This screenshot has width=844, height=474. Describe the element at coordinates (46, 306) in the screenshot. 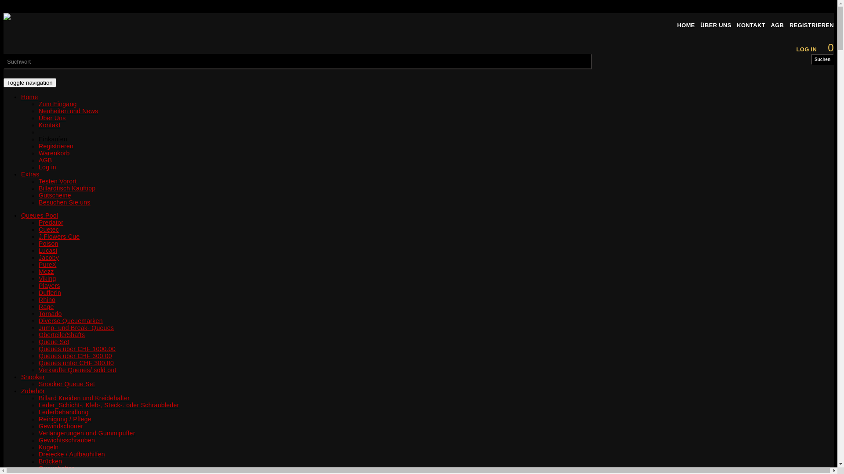

I see `'Rage'` at that location.